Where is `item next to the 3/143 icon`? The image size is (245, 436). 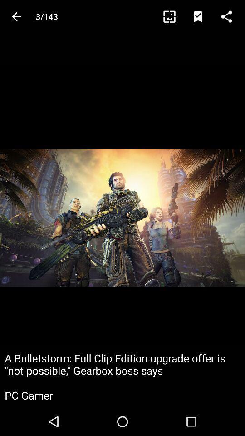
item next to the 3/143 icon is located at coordinates (16, 16).